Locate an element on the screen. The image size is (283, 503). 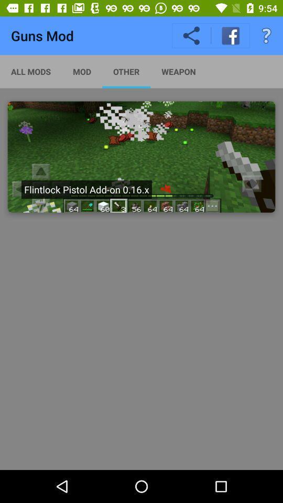
addon is located at coordinates (141, 156).